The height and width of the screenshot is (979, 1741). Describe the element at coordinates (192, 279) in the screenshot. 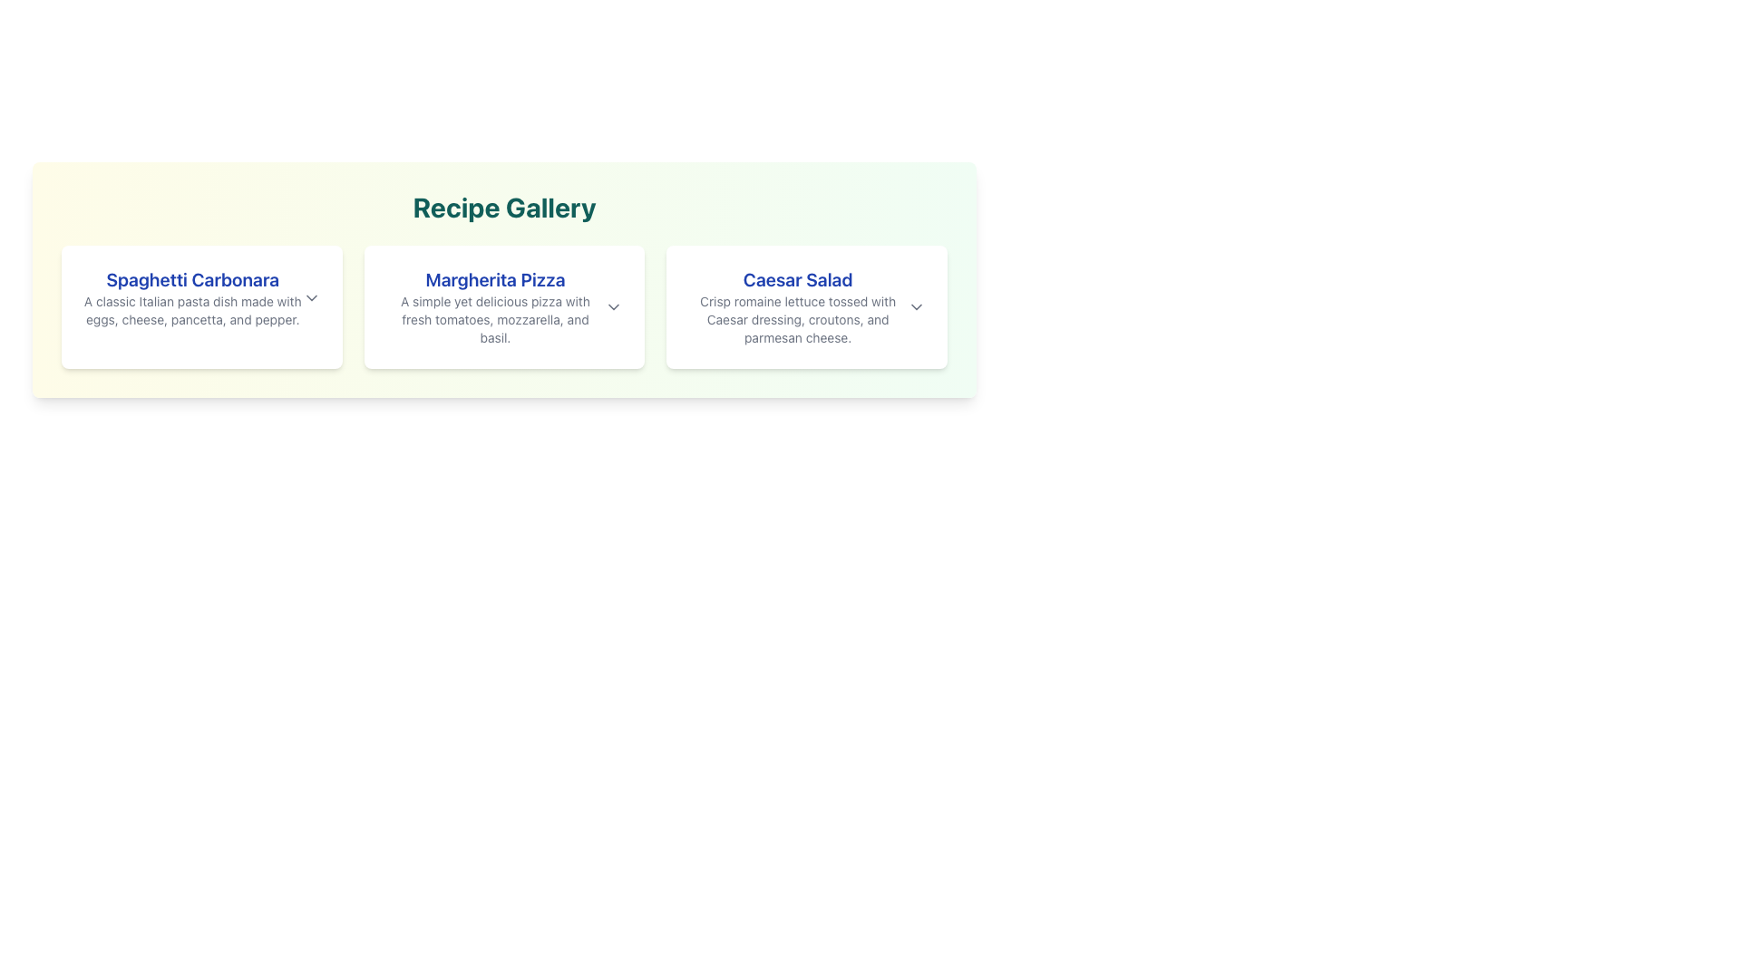

I see `bold blue text 'Spaghetti Carbonara' at the top of the first card in the 'Recipe Gallery' section for information` at that location.